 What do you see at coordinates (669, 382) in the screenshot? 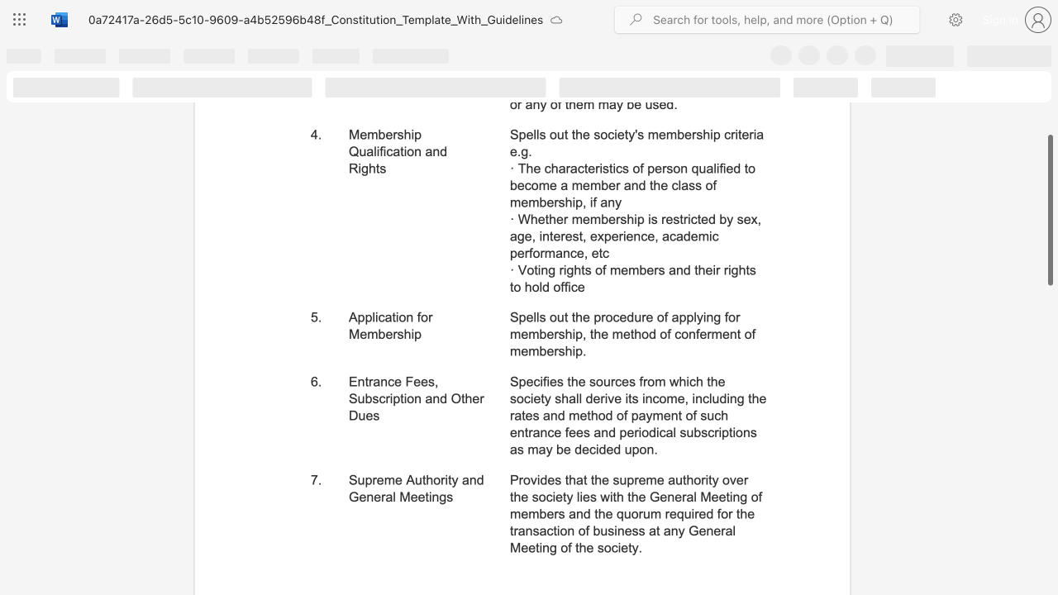
I see `the subset text "which the society shall derive its income, including the rates and method of pa" within the text "Specifies the sources from which the society shall derive its income, including the rates and method of payment of such entrance fees and periodical subscriptions as may be decided upon."` at bounding box center [669, 382].